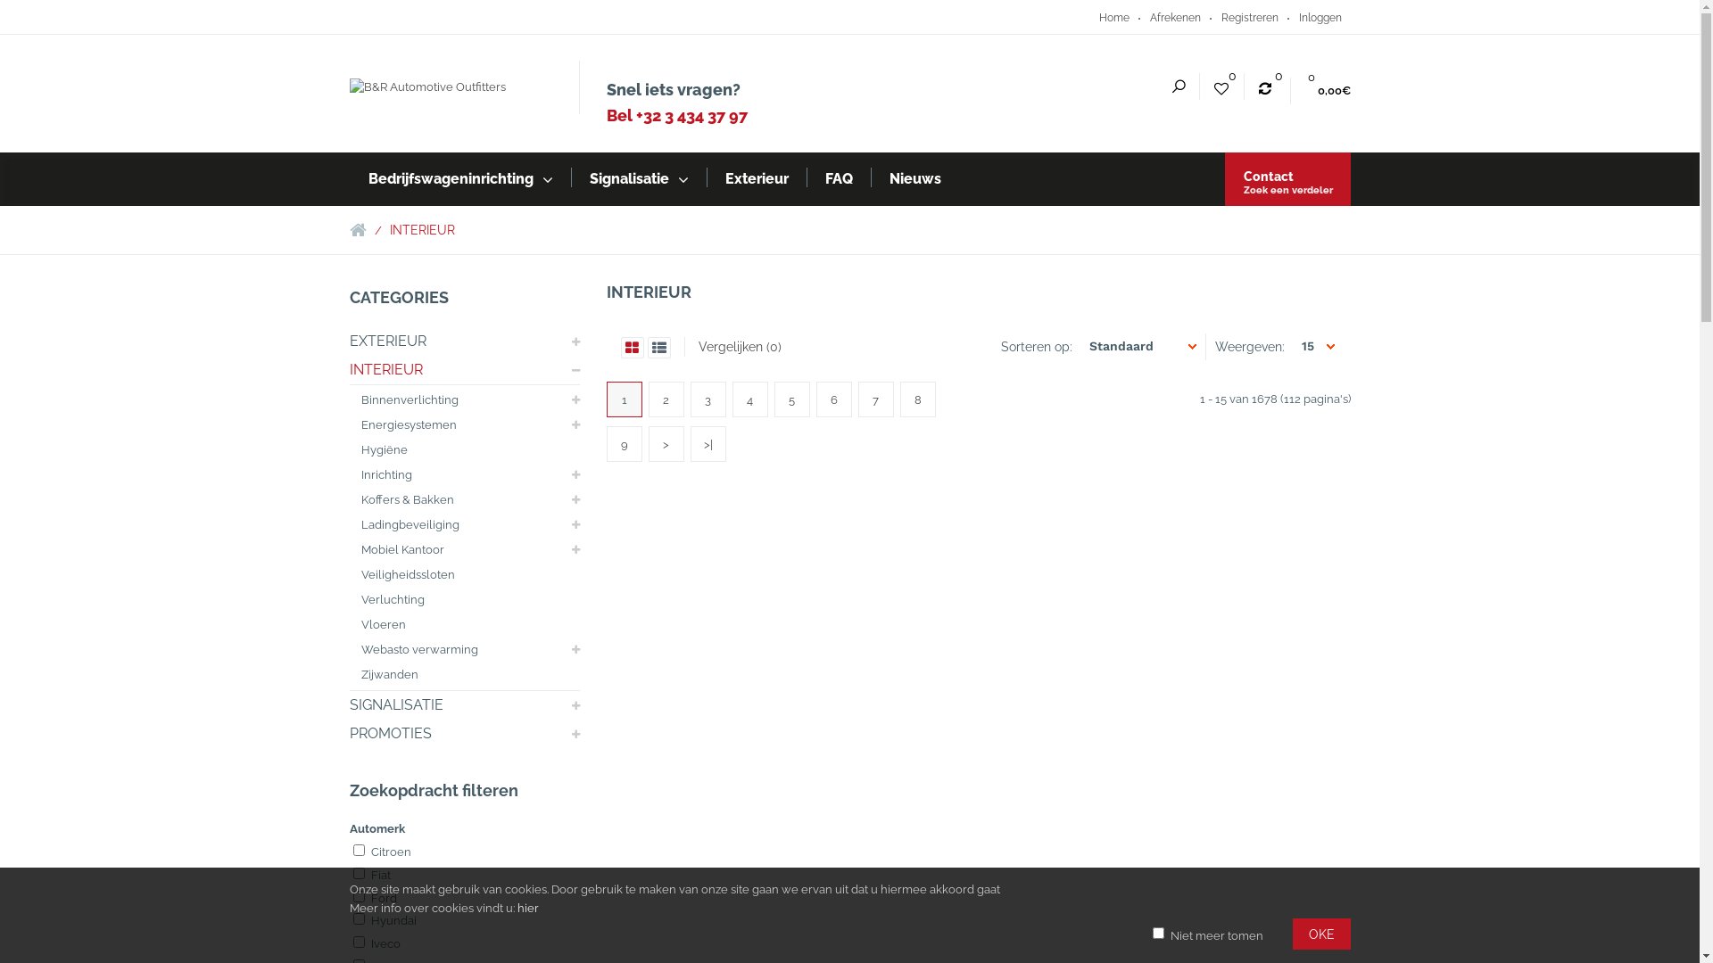 Image resolution: width=1713 pixels, height=963 pixels. Describe the element at coordinates (816, 398) in the screenshot. I see `'6'` at that location.